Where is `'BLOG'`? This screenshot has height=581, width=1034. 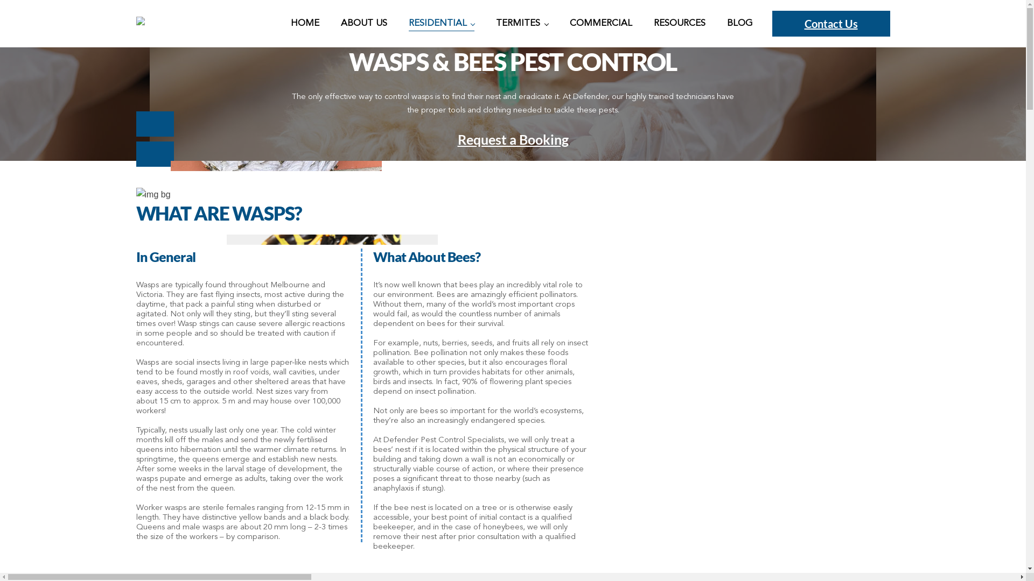
'BLOG' is located at coordinates (726, 23).